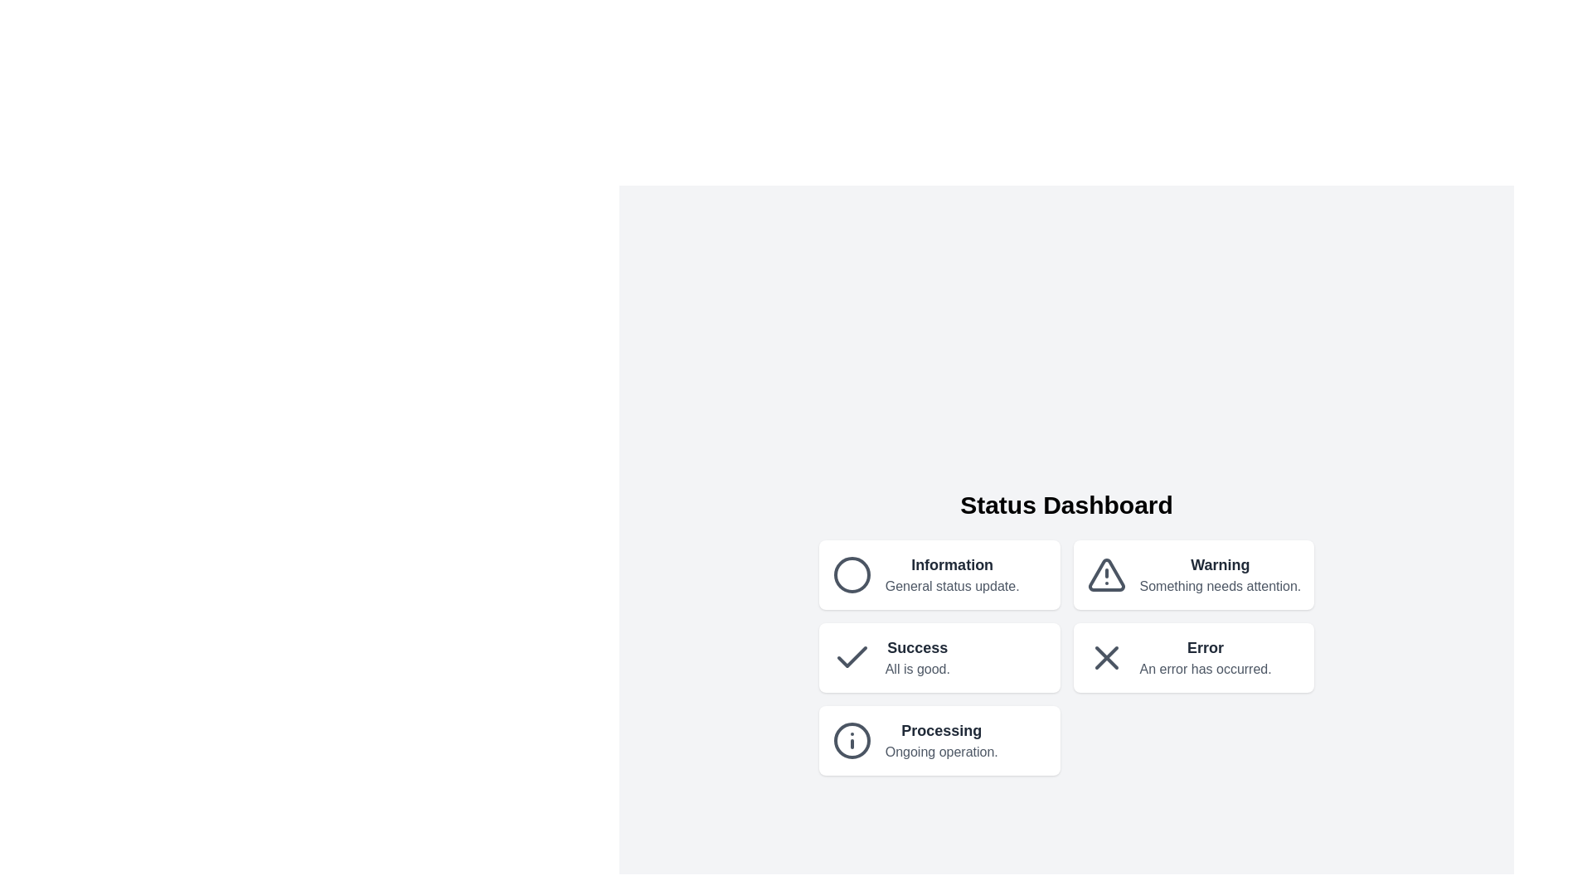  What do you see at coordinates (852, 740) in the screenshot?
I see `the 'Processing' status icon located in the bottom-left section of the dashboard, which visually represents that an operation is ongoing` at bounding box center [852, 740].